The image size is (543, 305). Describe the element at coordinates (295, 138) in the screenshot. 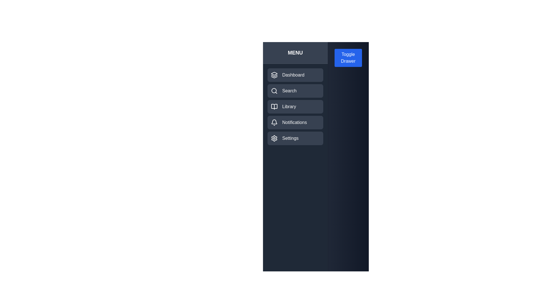

I see `the menu item labeled Settings` at that location.